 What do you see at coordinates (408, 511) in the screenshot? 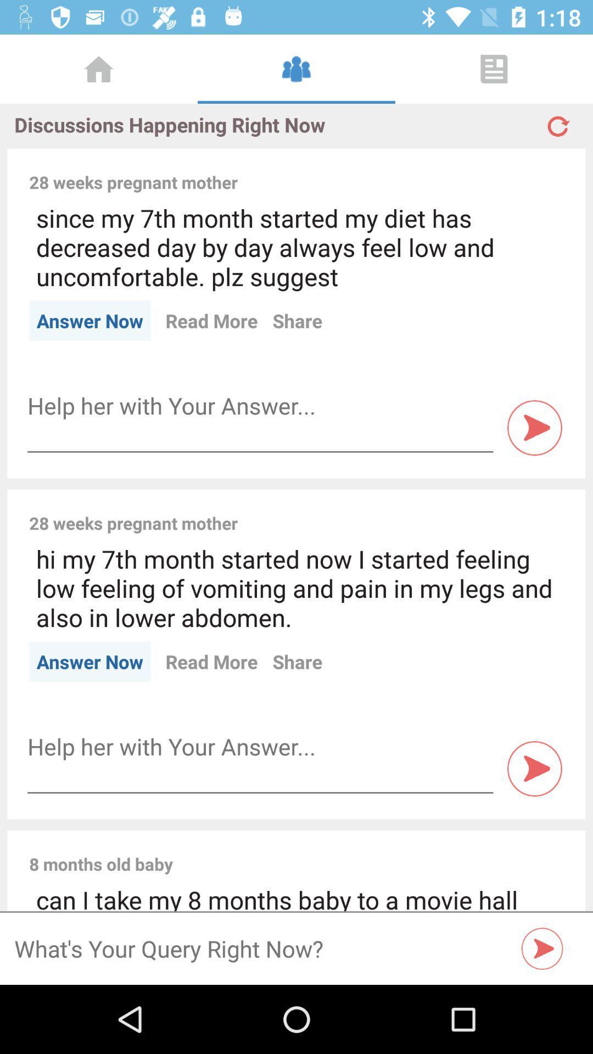
I see `the icon above the hi my 7th` at bounding box center [408, 511].